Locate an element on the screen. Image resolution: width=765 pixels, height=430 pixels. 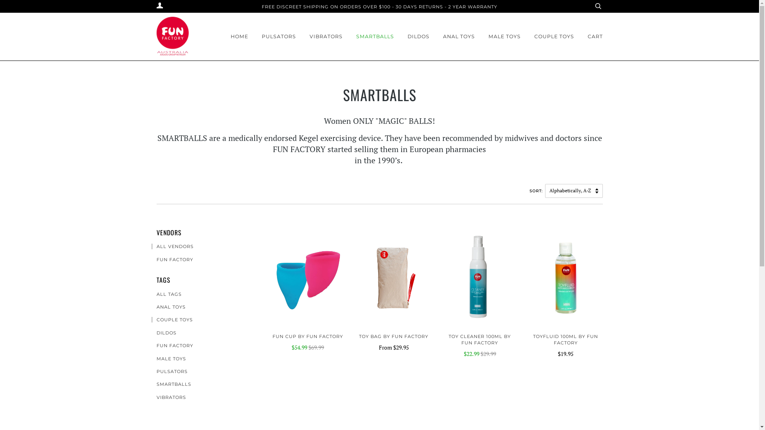
'PULSATORS' is located at coordinates (169, 371).